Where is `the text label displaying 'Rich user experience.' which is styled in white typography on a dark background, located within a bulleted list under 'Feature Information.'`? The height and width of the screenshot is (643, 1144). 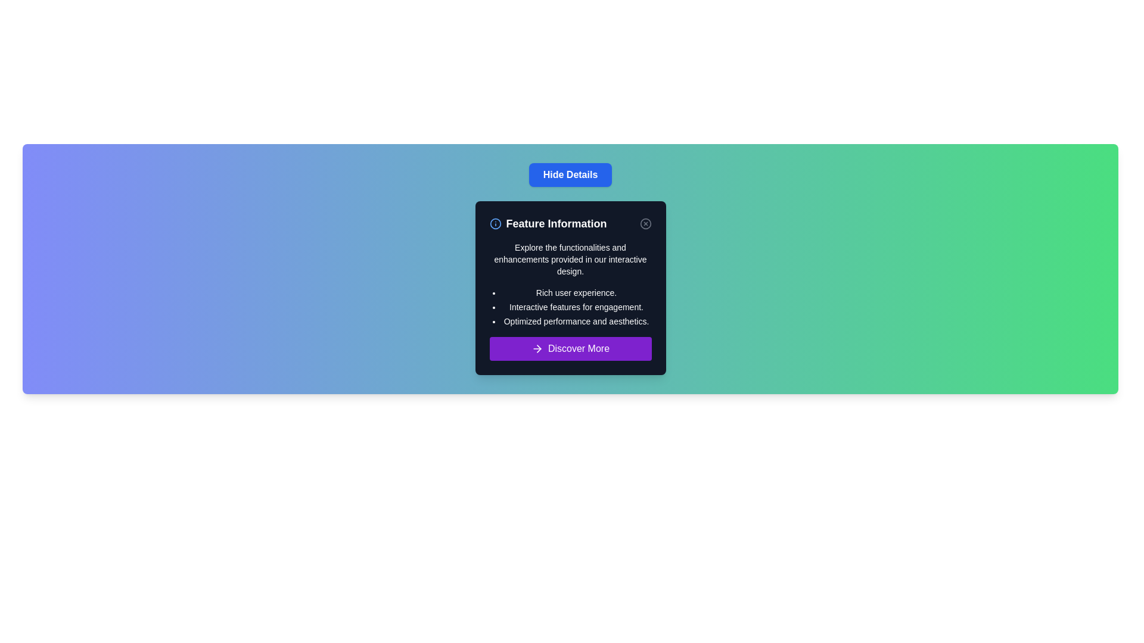 the text label displaying 'Rich user experience.' which is styled in white typography on a dark background, located within a bulleted list under 'Feature Information.' is located at coordinates (576, 293).